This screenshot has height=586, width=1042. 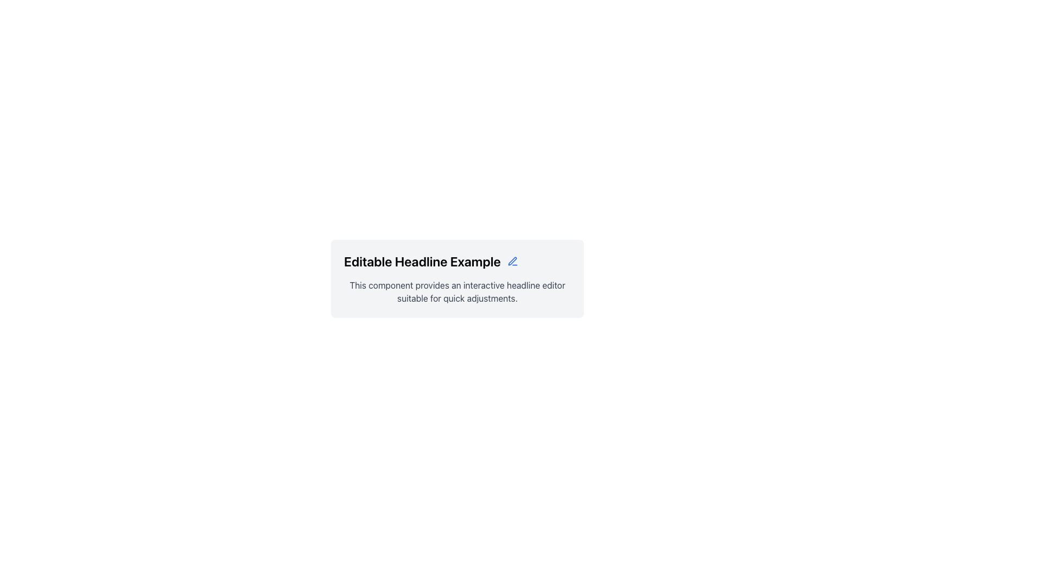 I want to click on the Icon Button located to the right of the 'Editable Headline Example' text, so click(x=512, y=262).